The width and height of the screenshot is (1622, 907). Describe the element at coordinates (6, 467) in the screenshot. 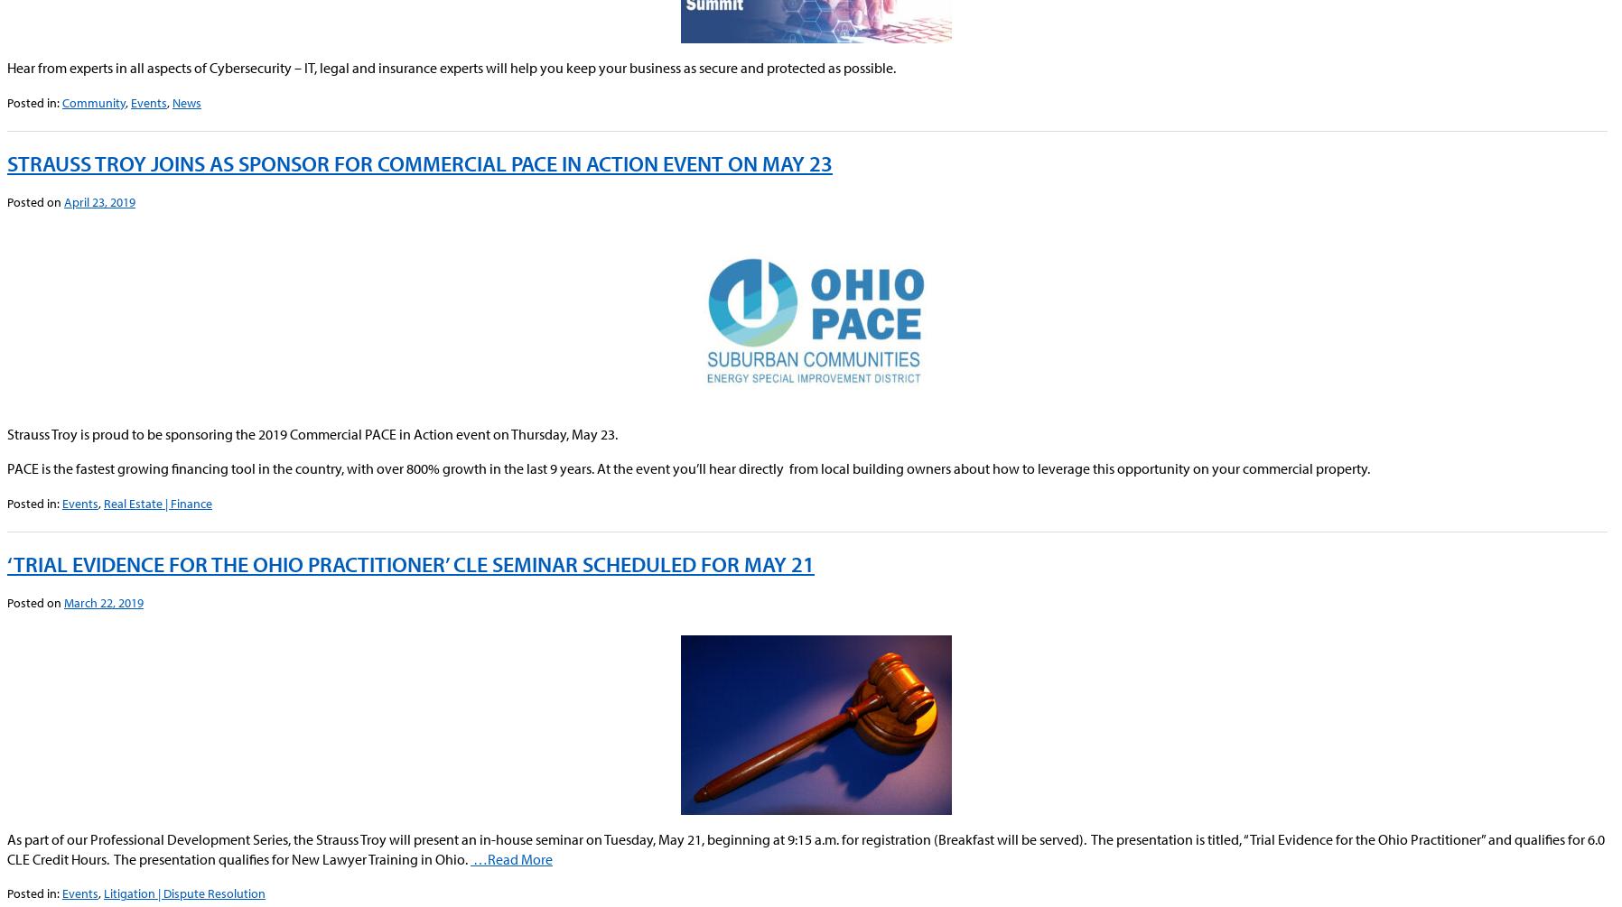

I see `'PACE is the fastest growing financing tool in the country, with over 800% growth in the last 9 years. At the event you’ll hear directly  from local building owners about how to leverage this opportunity on your commercial property.'` at that location.